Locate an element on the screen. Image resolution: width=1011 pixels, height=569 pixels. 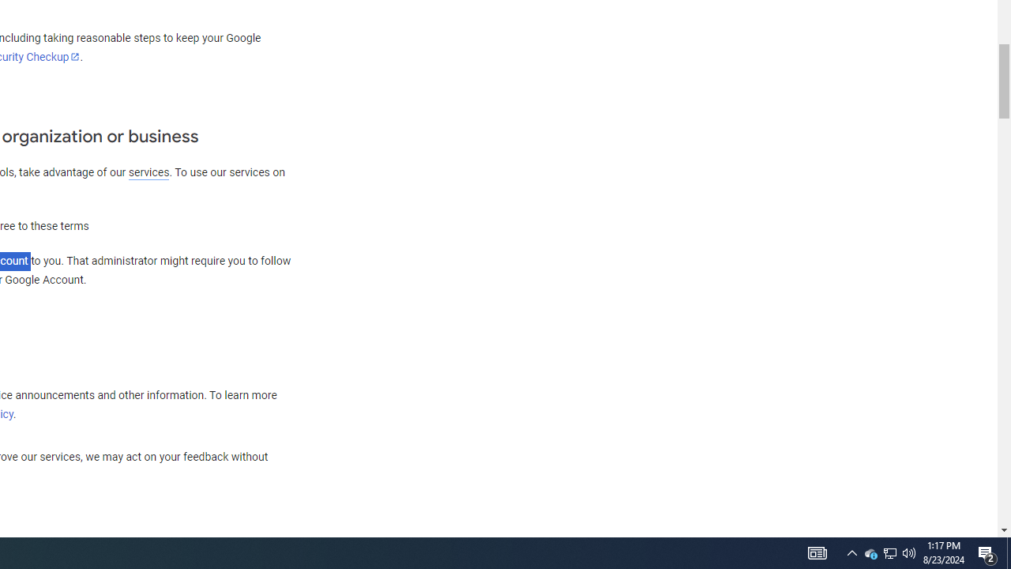
'services' is located at coordinates (148, 172).